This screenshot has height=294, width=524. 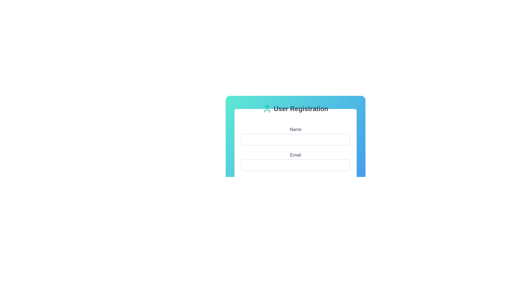 I want to click on the 'Name' text label, which is a medium-sized dark gray label positioned above the name input box in the registration form, so click(x=295, y=129).